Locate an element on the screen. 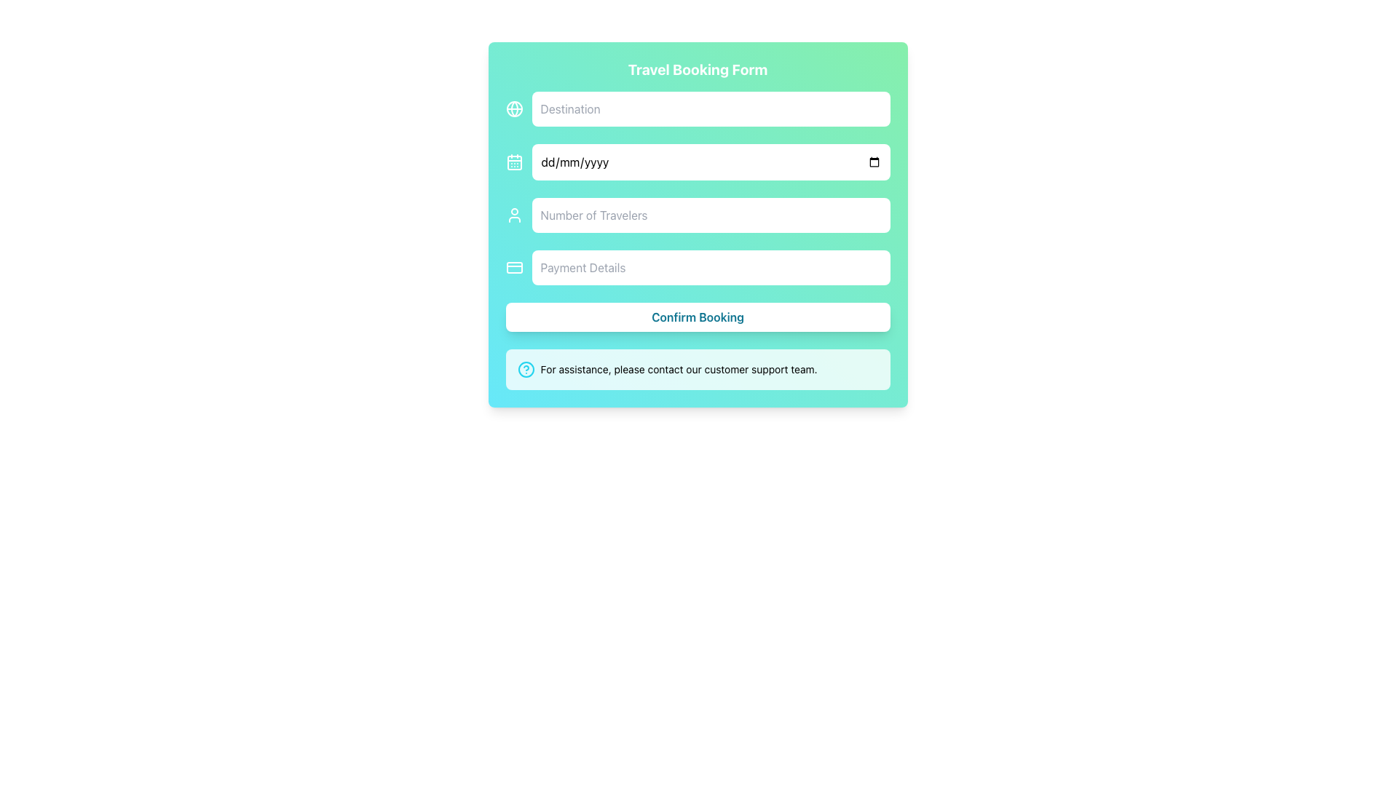 This screenshot has width=1398, height=786. the Number Input Field used for entering the number of travelers in the booking form is located at coordinates (711, 215).